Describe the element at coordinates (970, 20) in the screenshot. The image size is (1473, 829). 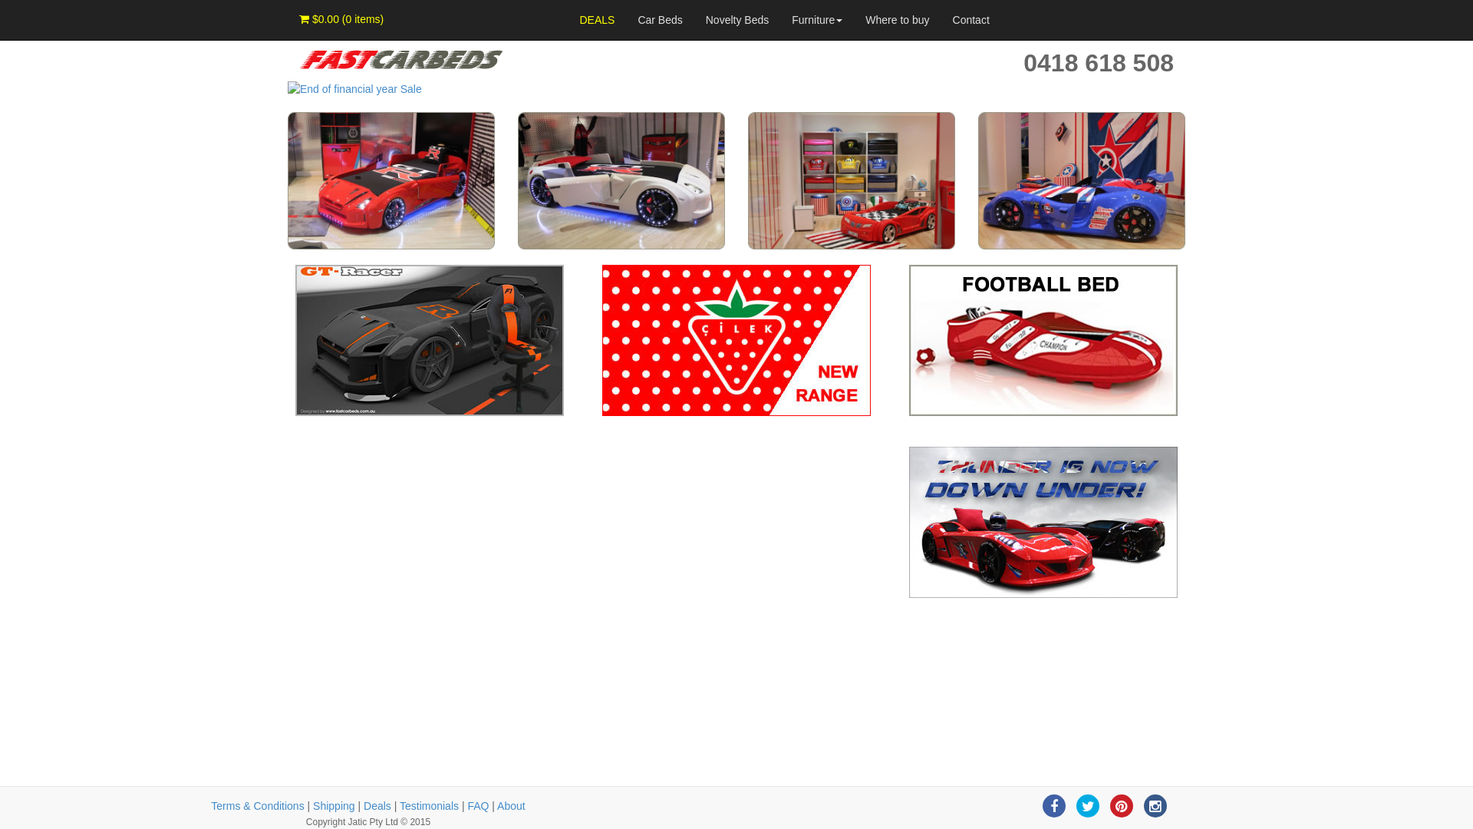
I see `'Contact'` at that location.